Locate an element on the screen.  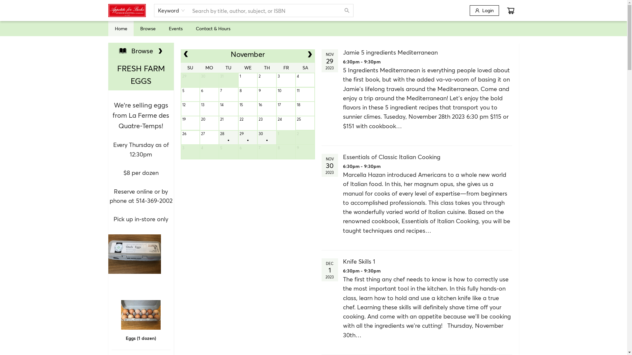
'Events' is located at coordinates (169, 28).